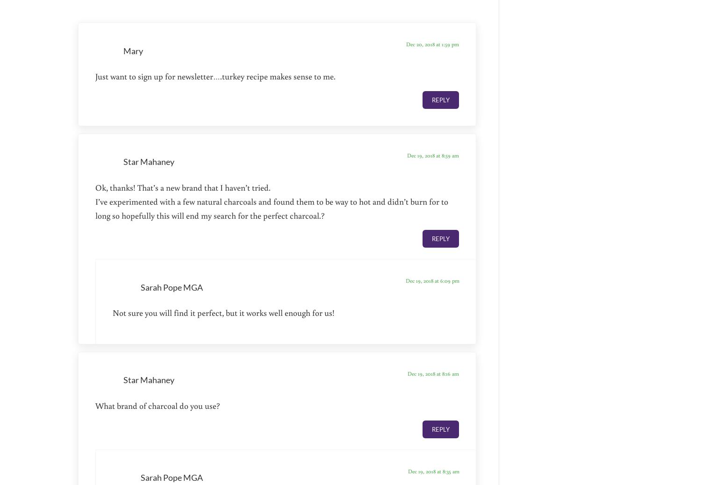  I want to click on 'Not sure you will find it perfect, but it works well enough for us!', so click(112, 312).